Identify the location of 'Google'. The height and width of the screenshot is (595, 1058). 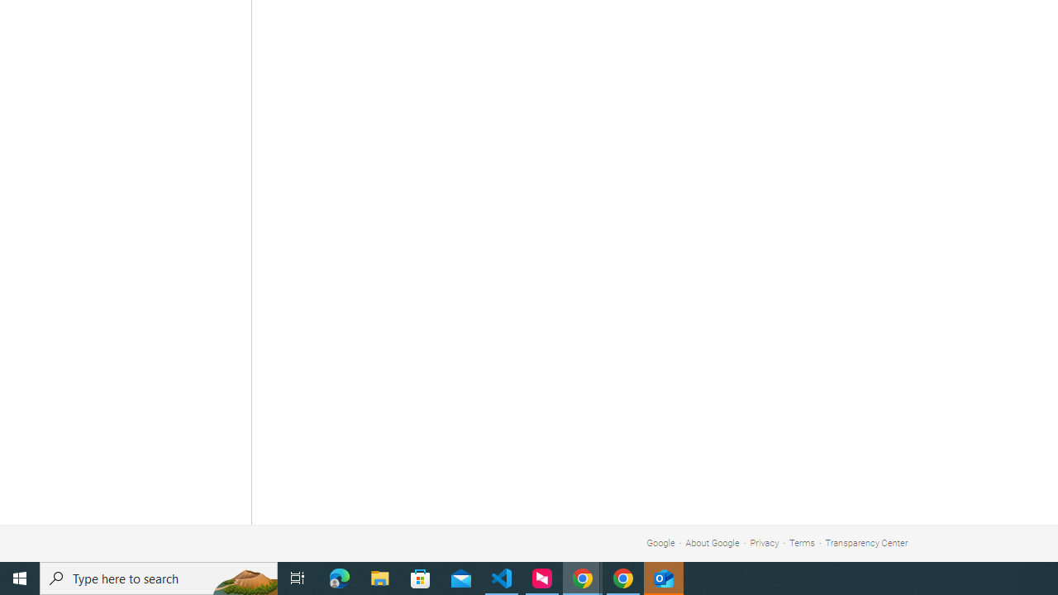
(660, 543).